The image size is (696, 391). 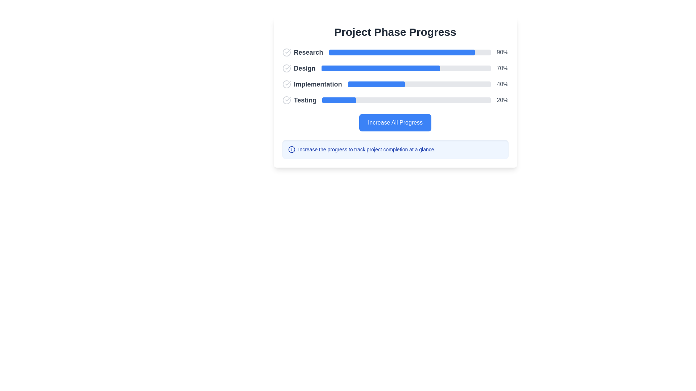 I want to click on style of the progress bar representing the 'Implementation' phase, which shows 40% completion and is positioned between the 'Design' and 'Testing' progress bars, so click(x=419, y=84).